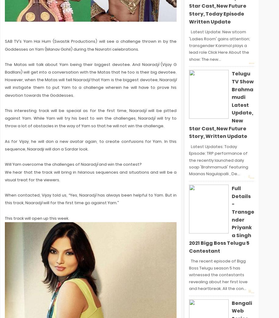 This screenshot has height=318, width=279. What do you see at coordinates (5, 145) in the screenshot?
I see `'As for Vijay, he will don a new avatar again, to create confusions for Yam. In this sequence, Naaradji will don a Sardar look.'` at bounding box center [5, 145].